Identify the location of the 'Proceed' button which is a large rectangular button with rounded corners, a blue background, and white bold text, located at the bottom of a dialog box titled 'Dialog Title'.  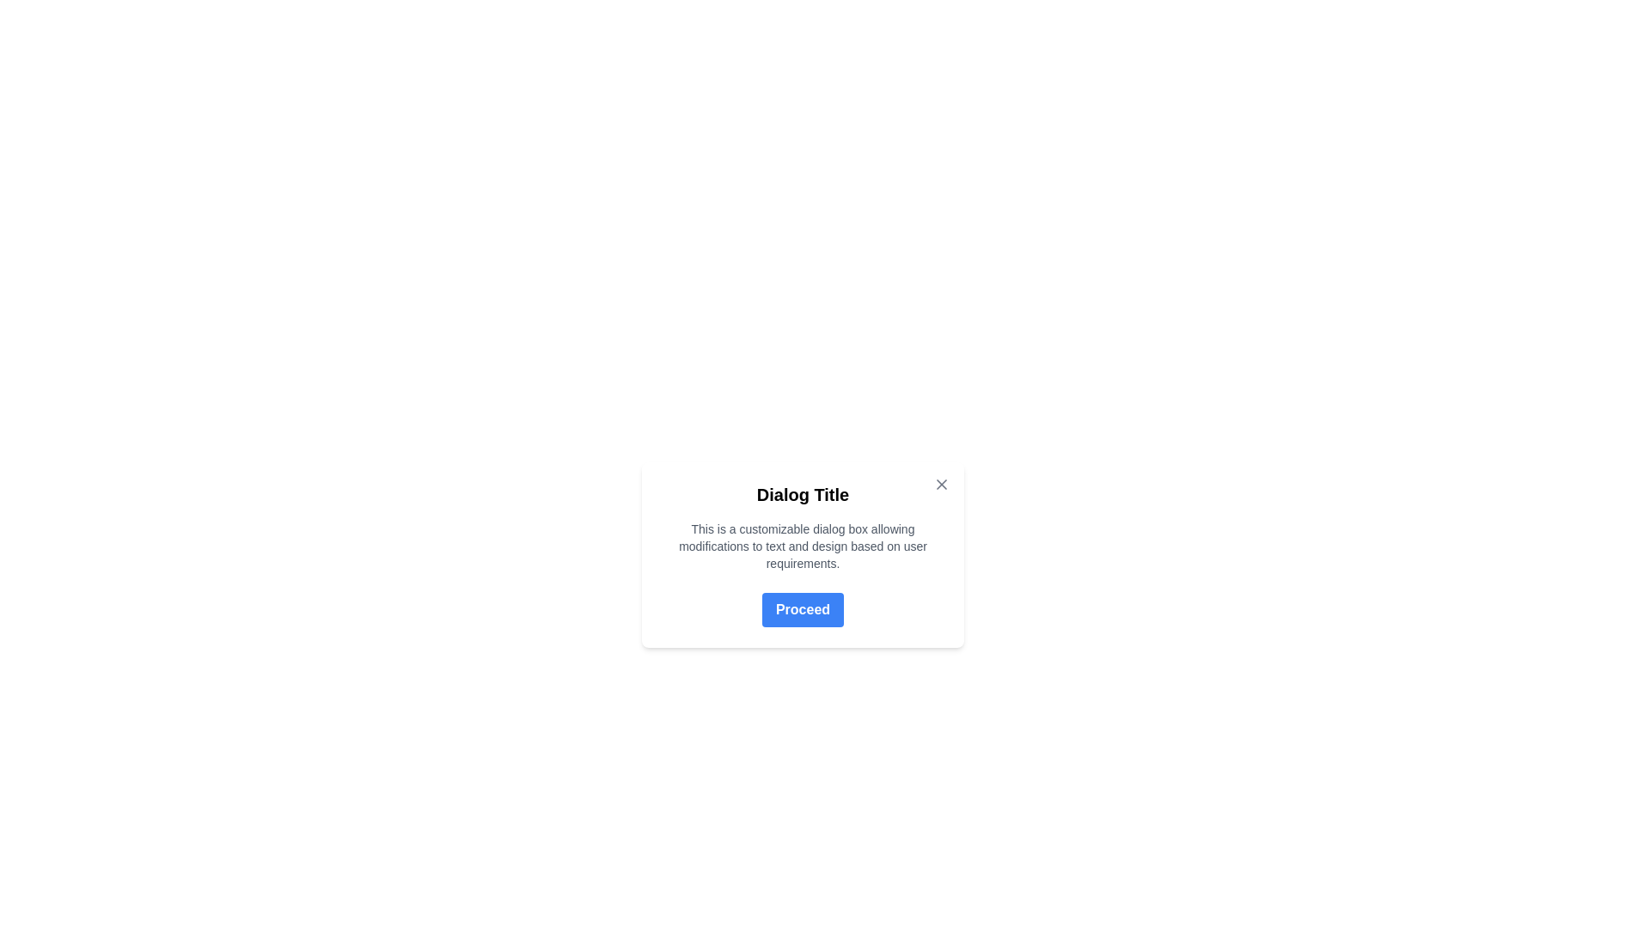
(802, 608).